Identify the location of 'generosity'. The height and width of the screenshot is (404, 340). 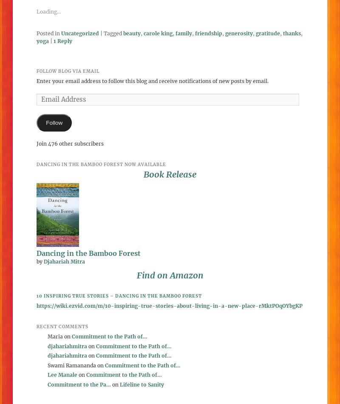
(239, 33).